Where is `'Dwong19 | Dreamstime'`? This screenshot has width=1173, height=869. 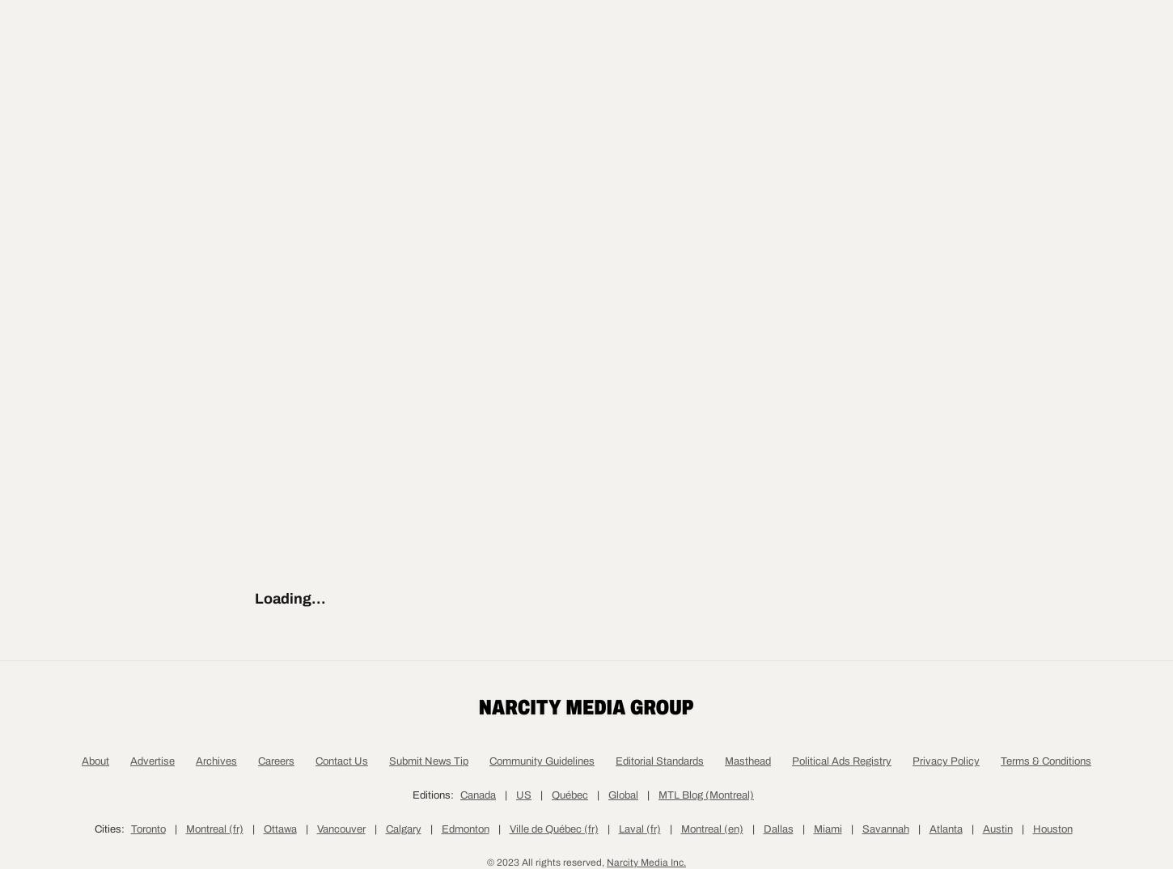 'Dwong19 | Dreamstime' is located at coordinates (471, 376).